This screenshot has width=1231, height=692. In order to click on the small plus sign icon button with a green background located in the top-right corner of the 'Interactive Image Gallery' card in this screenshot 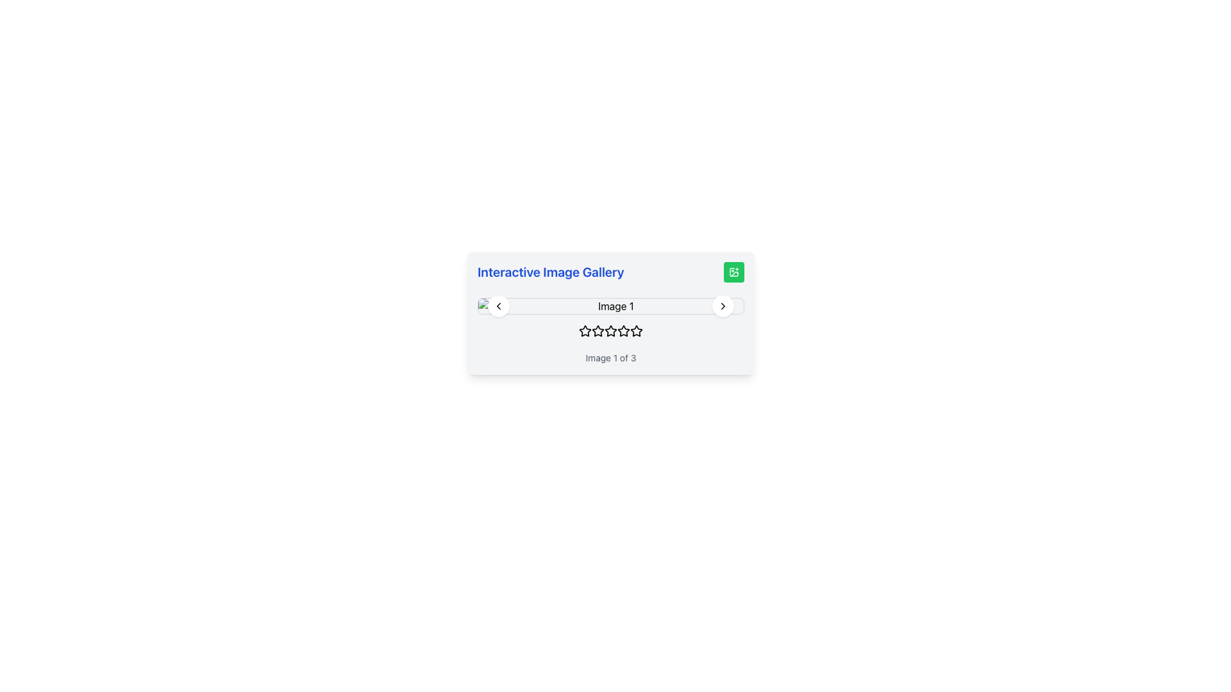, I will do `click(734, 271)`.